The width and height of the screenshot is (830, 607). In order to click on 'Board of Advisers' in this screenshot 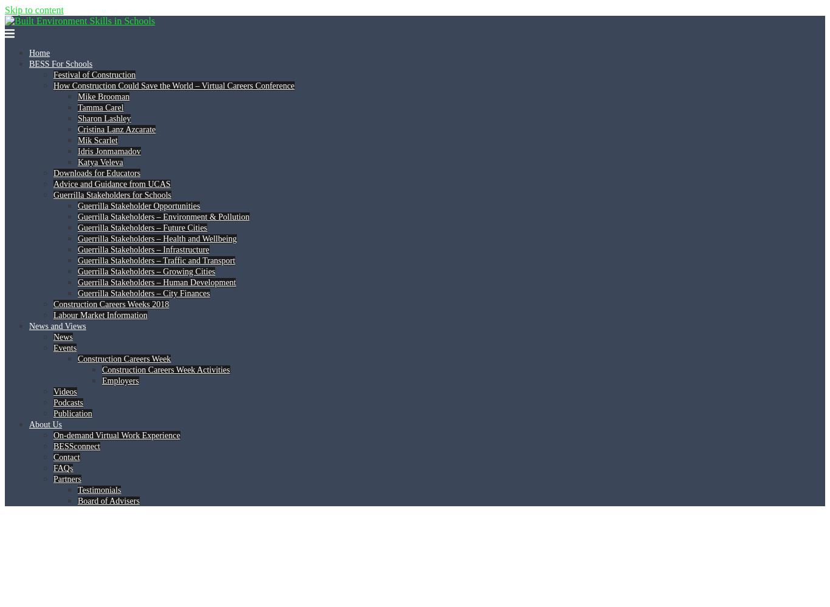, I will do `click(108, 500)`.